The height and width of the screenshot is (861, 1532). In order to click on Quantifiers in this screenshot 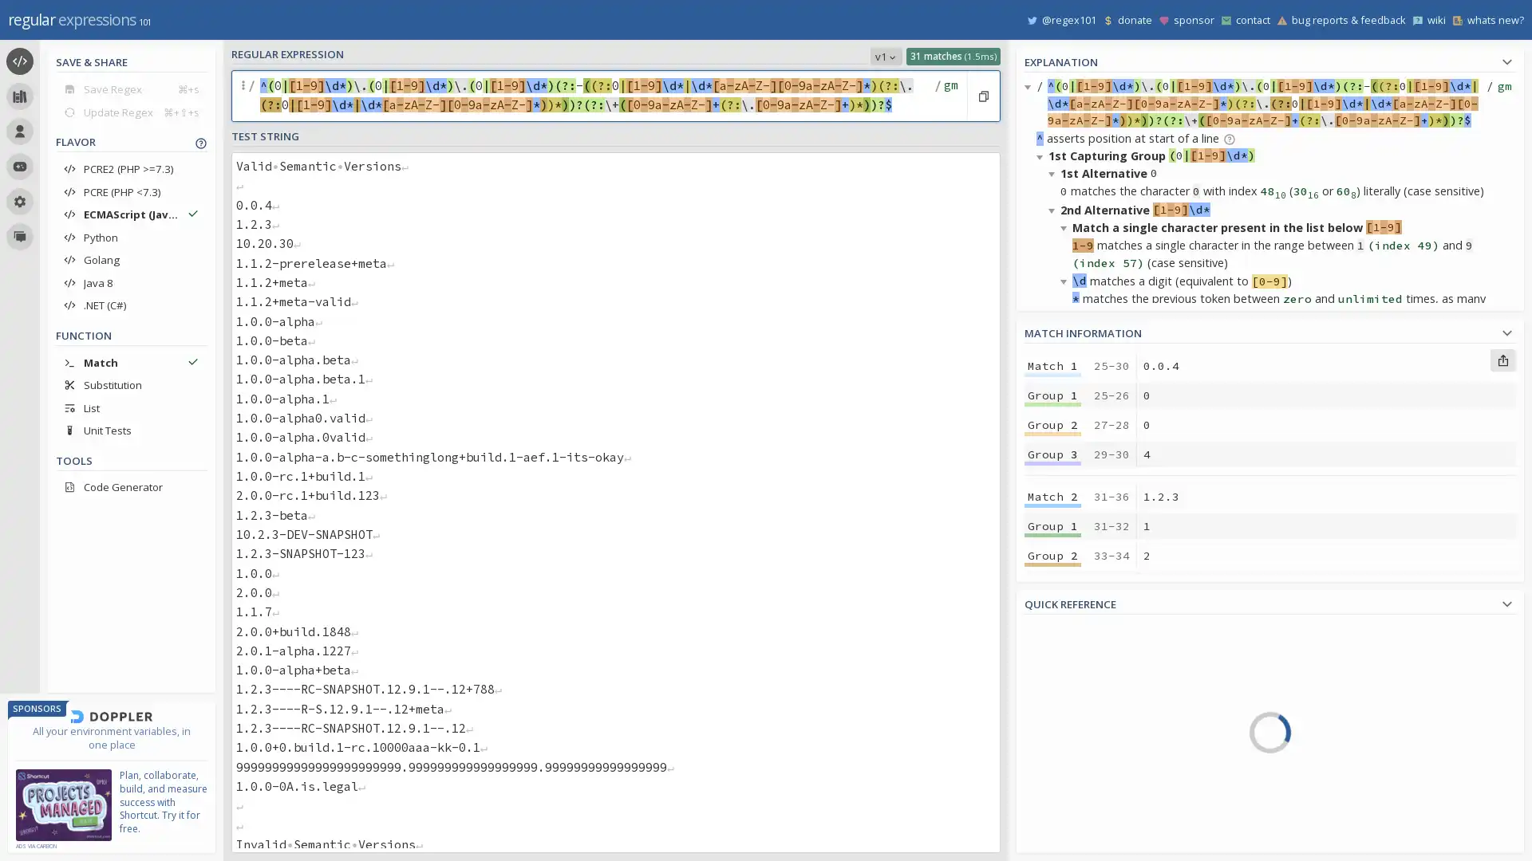, I will do `click(1099, 774)`.